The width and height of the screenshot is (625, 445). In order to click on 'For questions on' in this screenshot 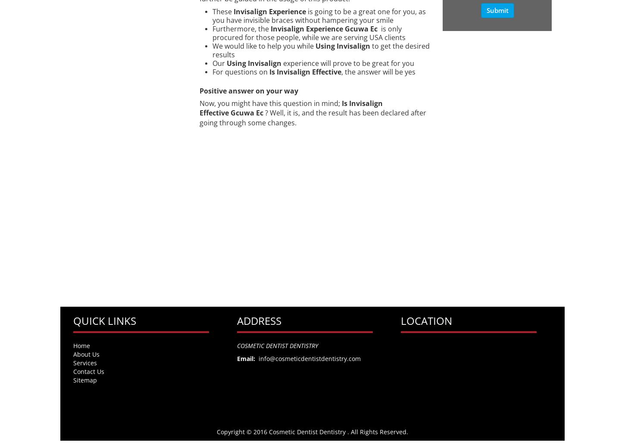, I will do `click(239, 72)`.